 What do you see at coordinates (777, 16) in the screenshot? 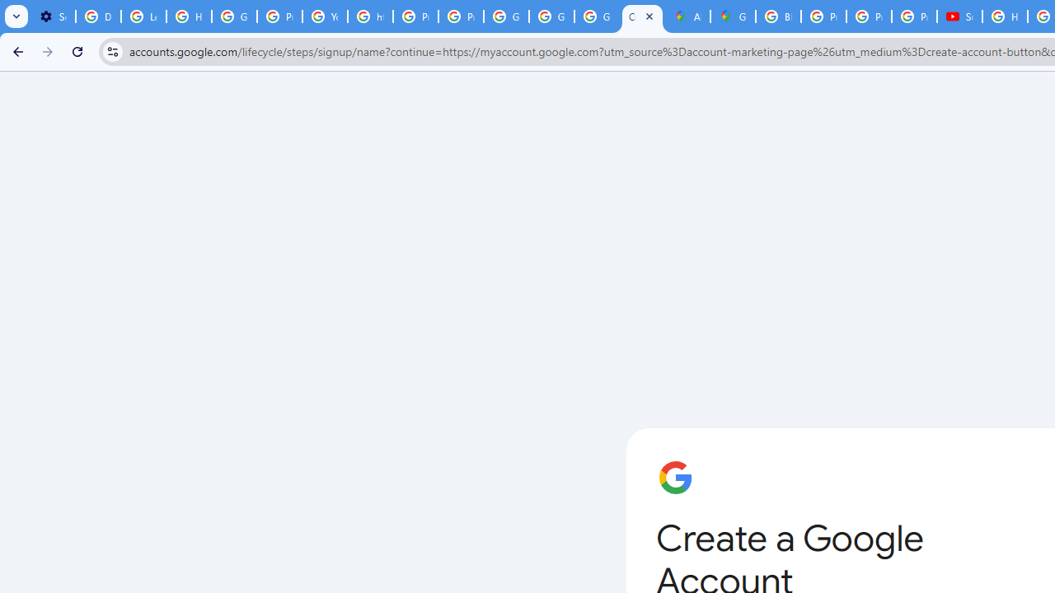
I see `'Blogger Policies and Guidelines - Transparency Center'` at bounding box center [777, 16].